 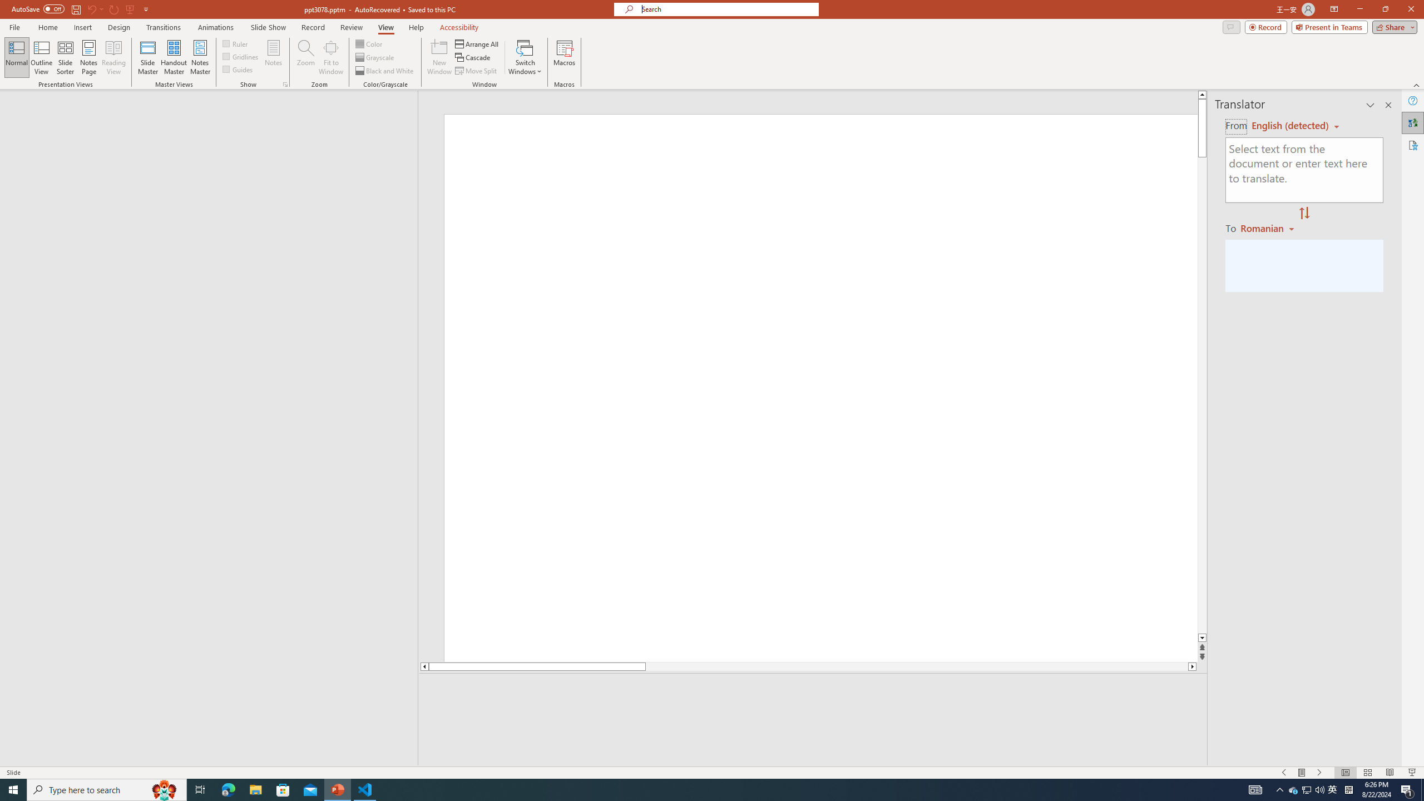 I want to click on 'Slide Show Next On', so click(x=1319, y=773).